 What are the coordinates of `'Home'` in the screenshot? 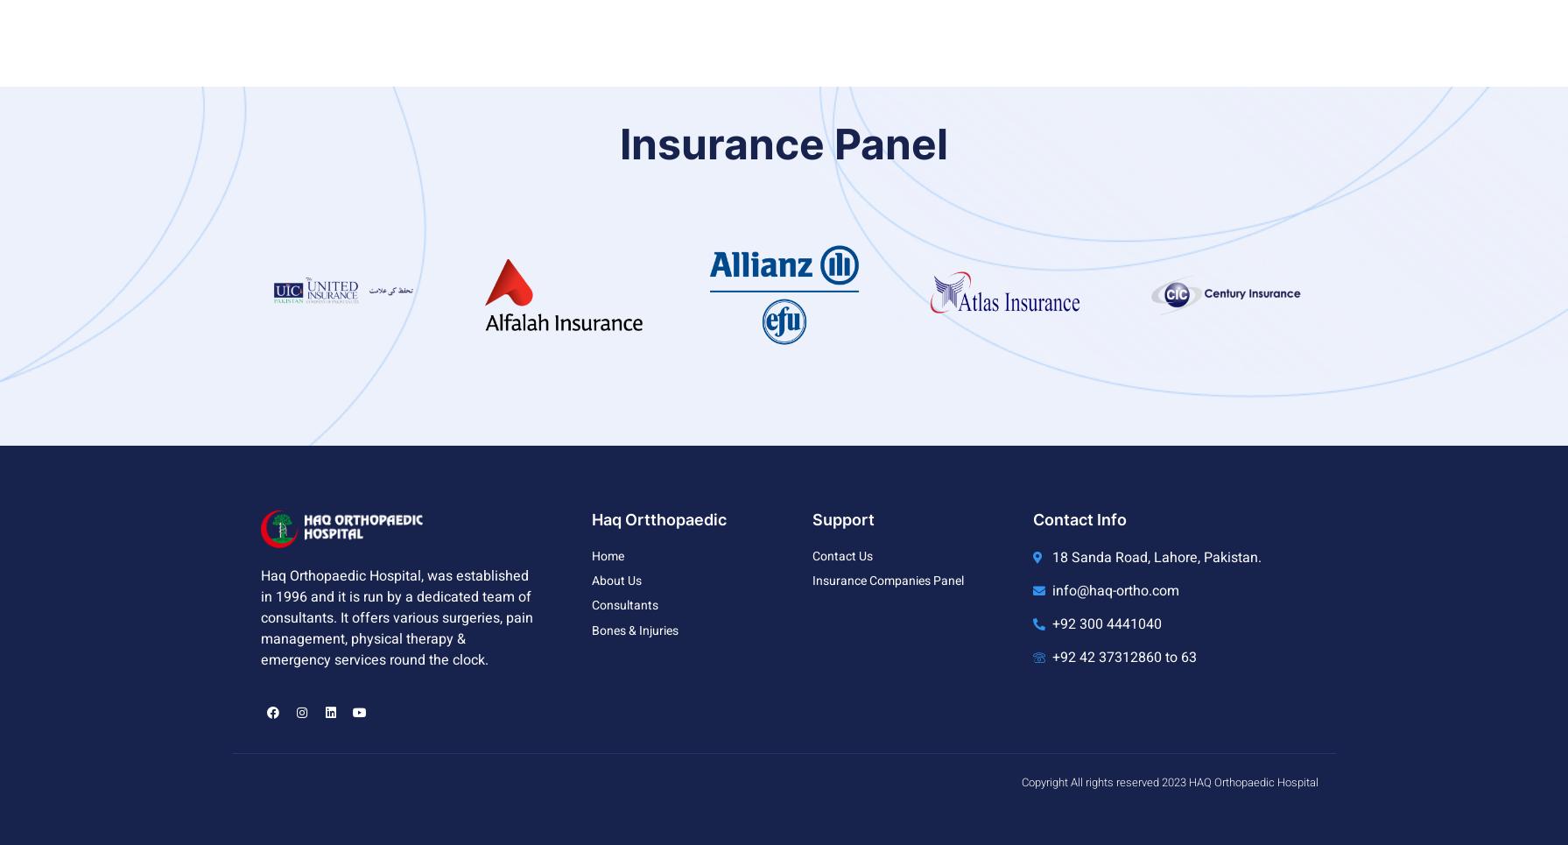 It's located at (591, 555).